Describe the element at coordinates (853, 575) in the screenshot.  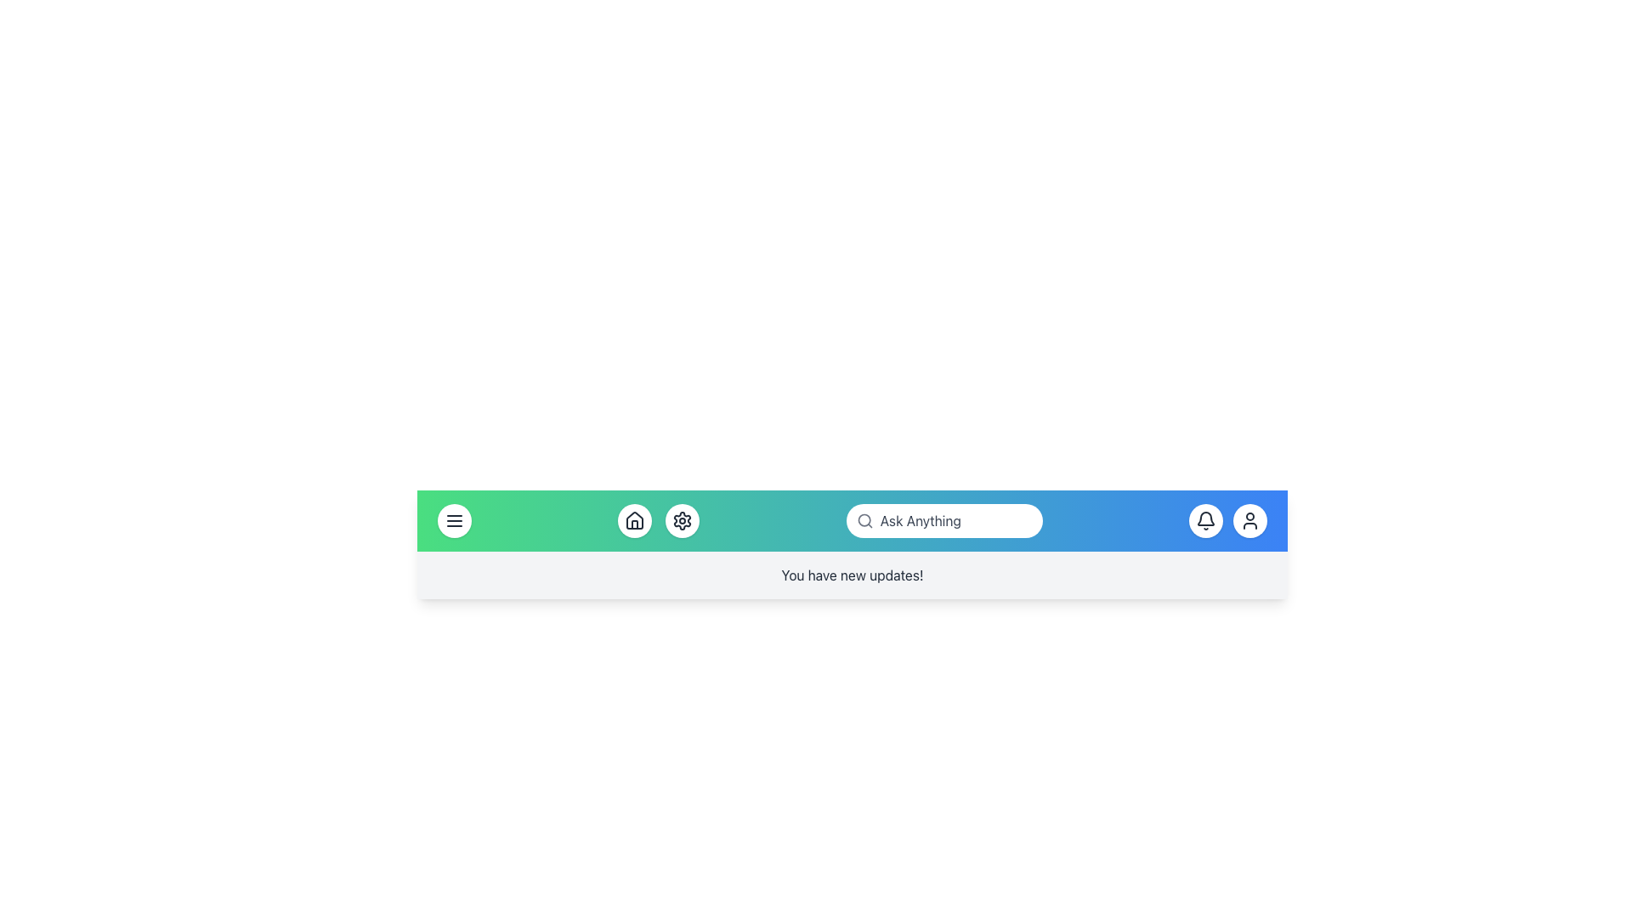
I see `the notification banner with the message 'You have new updates!' which is styled with a light gray background and dark gray text, located at the bottom of the colored header section` at that location.